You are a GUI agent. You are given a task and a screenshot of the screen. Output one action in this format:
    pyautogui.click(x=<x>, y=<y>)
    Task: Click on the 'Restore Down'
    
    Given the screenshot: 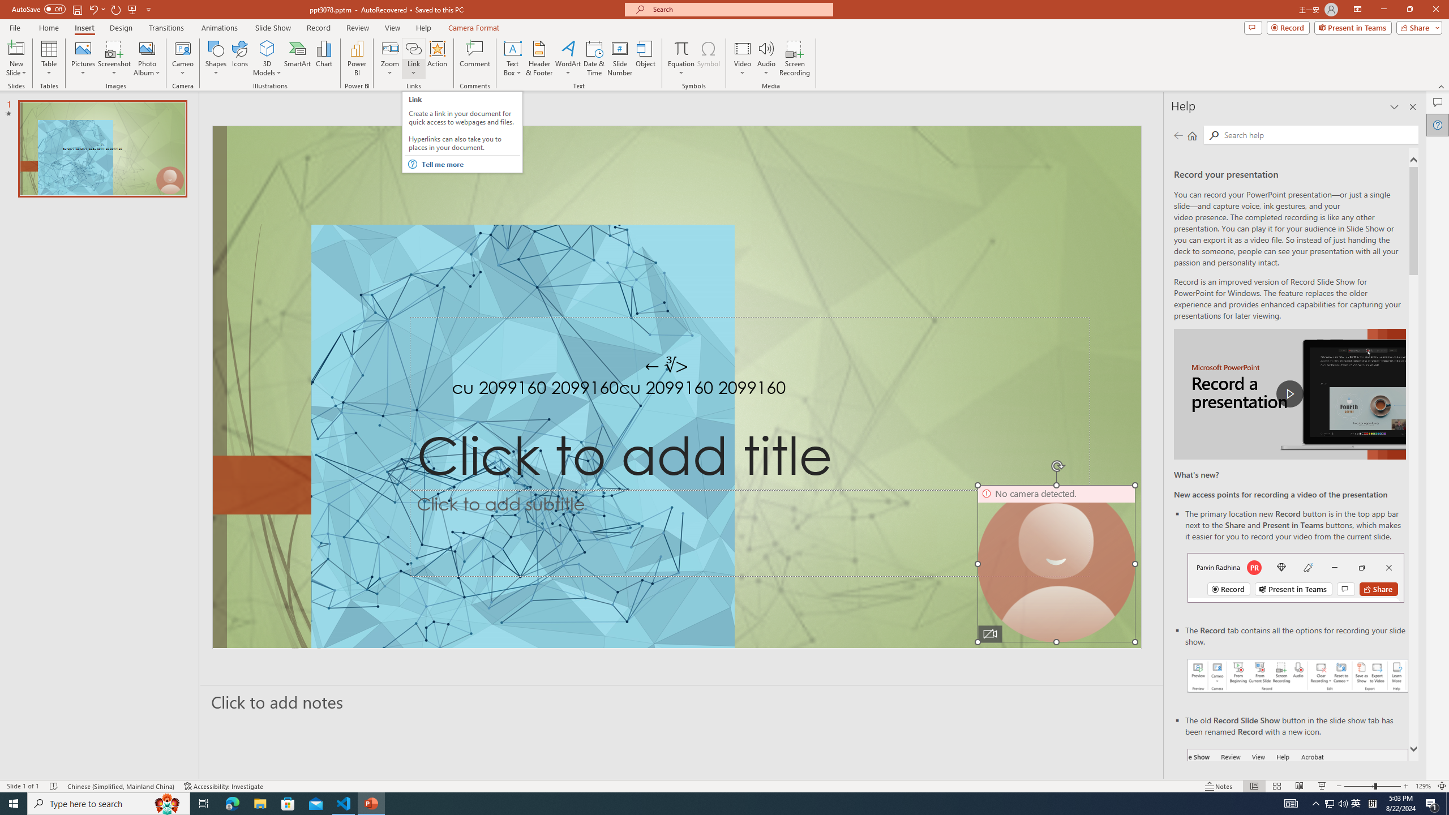 What is the action you would take?
    pyautogui.click(x=1409, y=9)
    